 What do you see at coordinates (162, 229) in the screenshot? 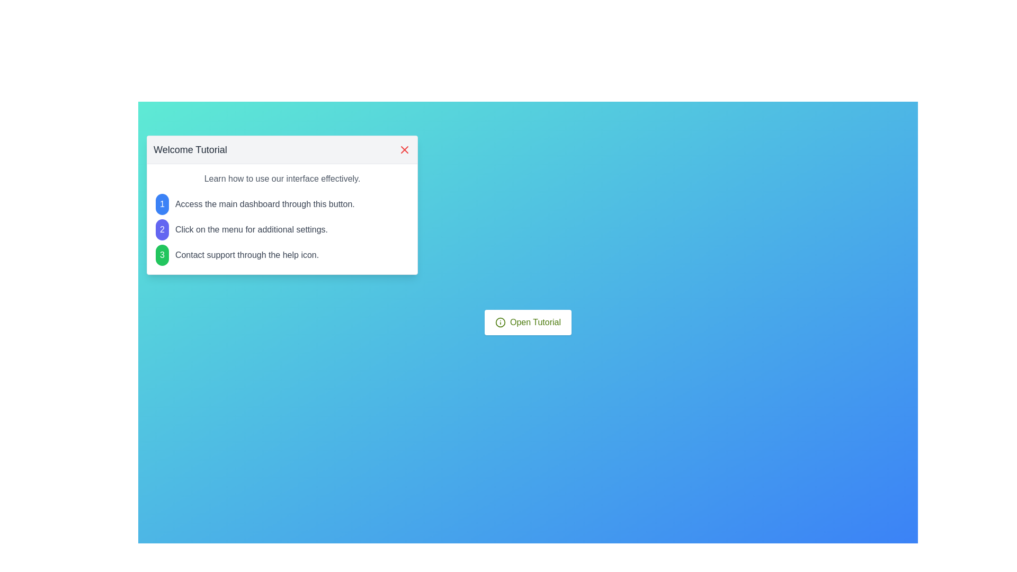
I see `the Badge element positioned to the left of the text 'Click on the menu for additional settings.', which is the second item in a vertical list of badges within the tutorial dialog box` at bounding box center [162, 229].